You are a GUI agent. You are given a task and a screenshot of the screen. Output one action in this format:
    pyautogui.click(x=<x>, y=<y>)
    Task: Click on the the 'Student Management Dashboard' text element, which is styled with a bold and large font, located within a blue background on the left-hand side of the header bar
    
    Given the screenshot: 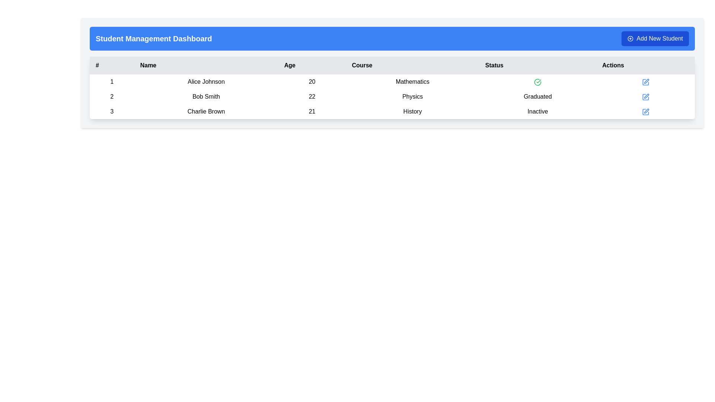 What is the action you would take?
    pyautogui.click(x=153, y=39)
    